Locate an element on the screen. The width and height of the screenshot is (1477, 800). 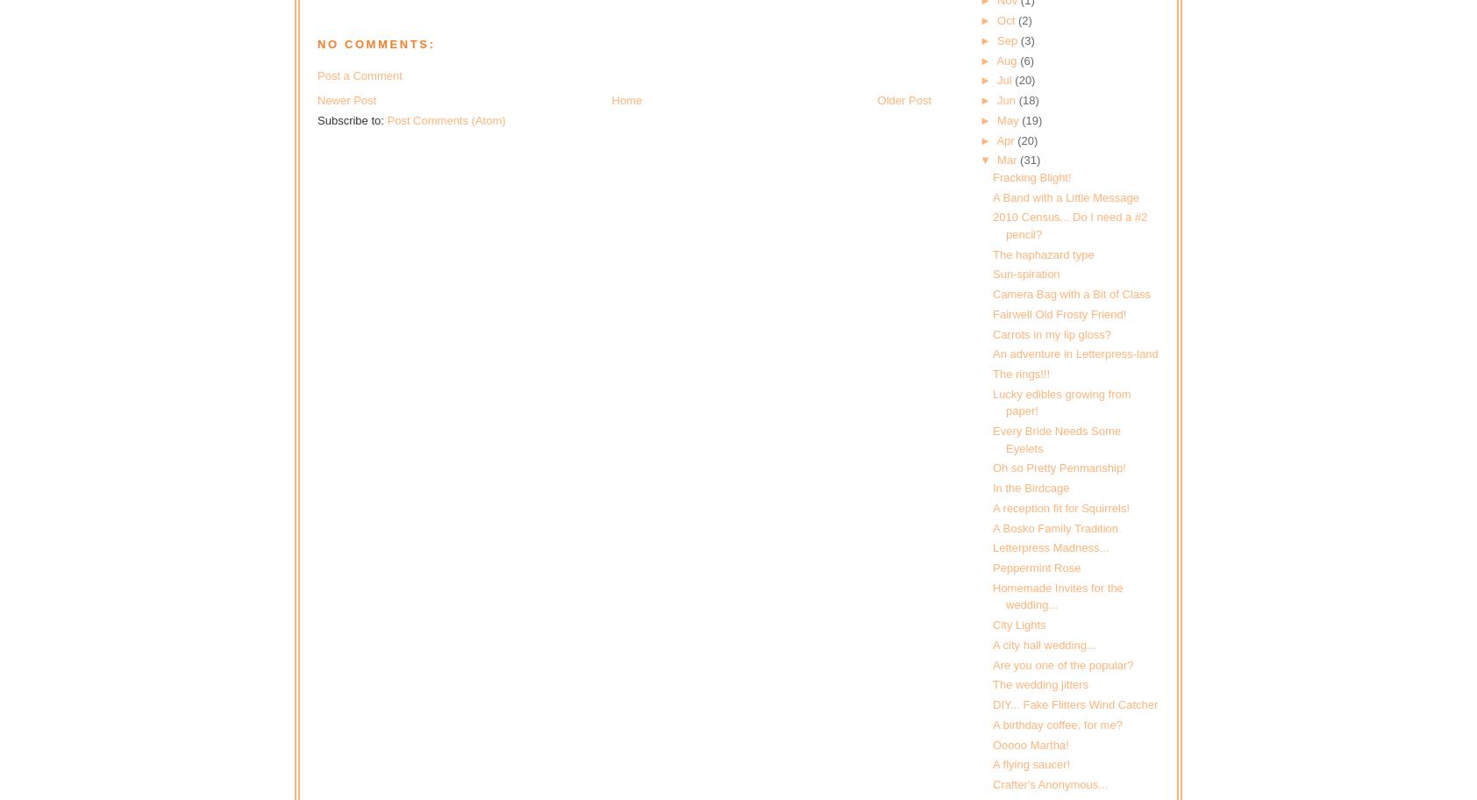
'Letterpress Madness...' is located at coordinates (1050, 547).